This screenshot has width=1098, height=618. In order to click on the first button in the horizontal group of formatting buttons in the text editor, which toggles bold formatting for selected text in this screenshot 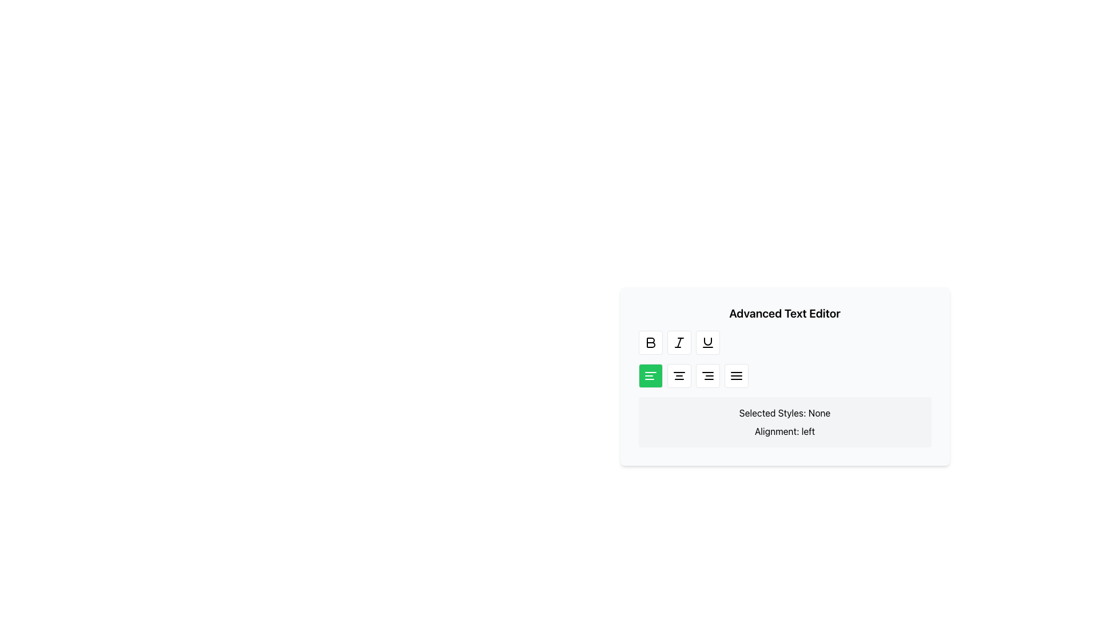, I will do `click(650, 342)`.